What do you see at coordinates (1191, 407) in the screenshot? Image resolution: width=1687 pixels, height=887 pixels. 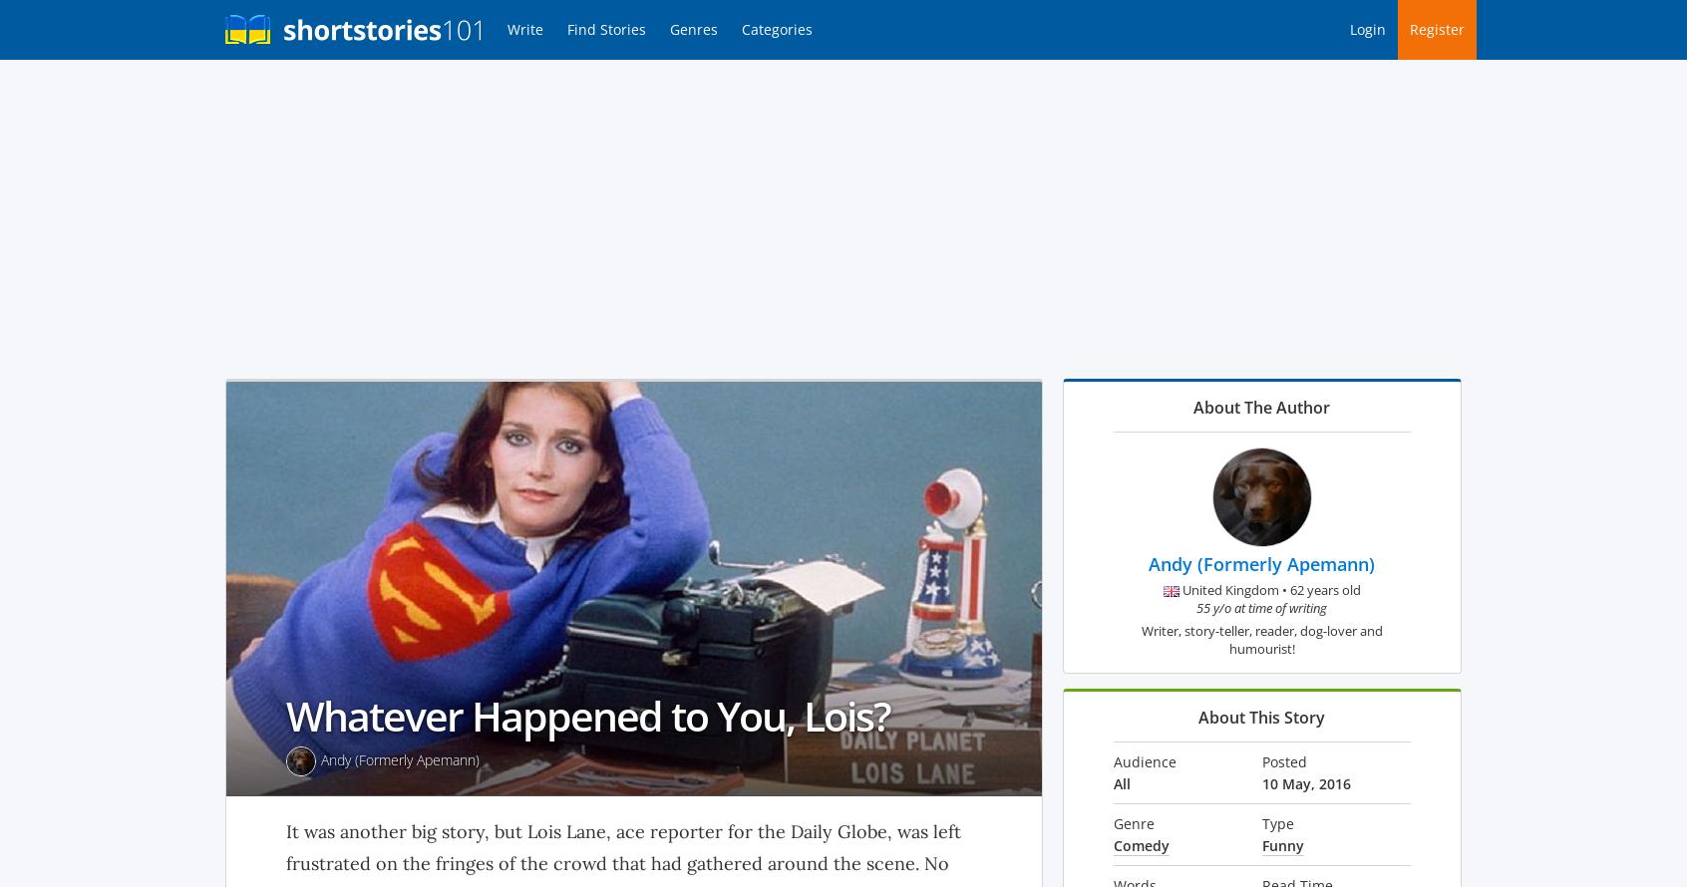 I see `'About The Author'` at bounding box center [1191, 407].